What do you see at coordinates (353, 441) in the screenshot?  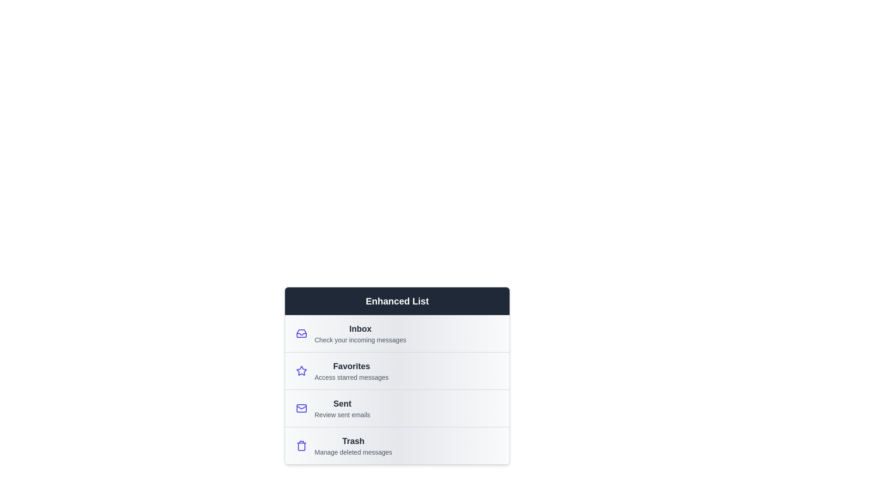 I see `the text label indicating the section for trash management or deleted items located at the bottom of the list in the 'Enhanced List' modal` at bounding box center [353, 441].